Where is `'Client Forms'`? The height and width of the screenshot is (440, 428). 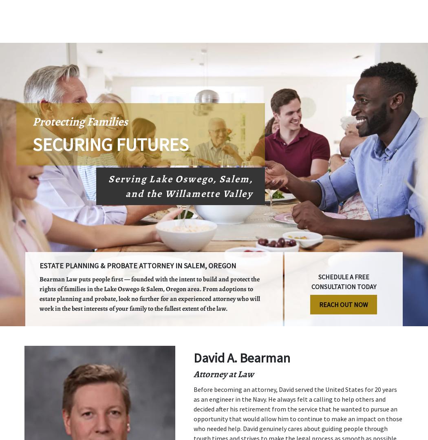 'Client Forms' is located at coordinates (295, 35).